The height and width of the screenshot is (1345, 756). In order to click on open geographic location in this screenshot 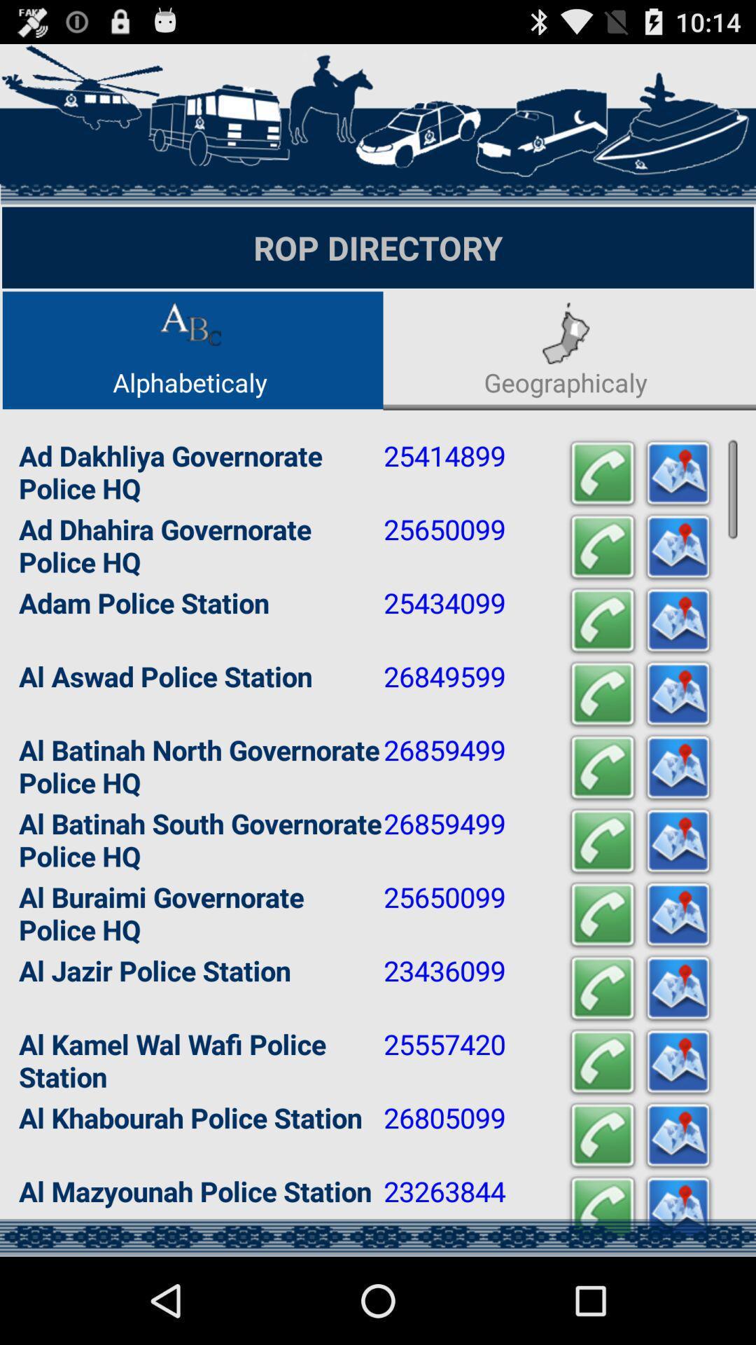, I will do `click(677, 694)`.